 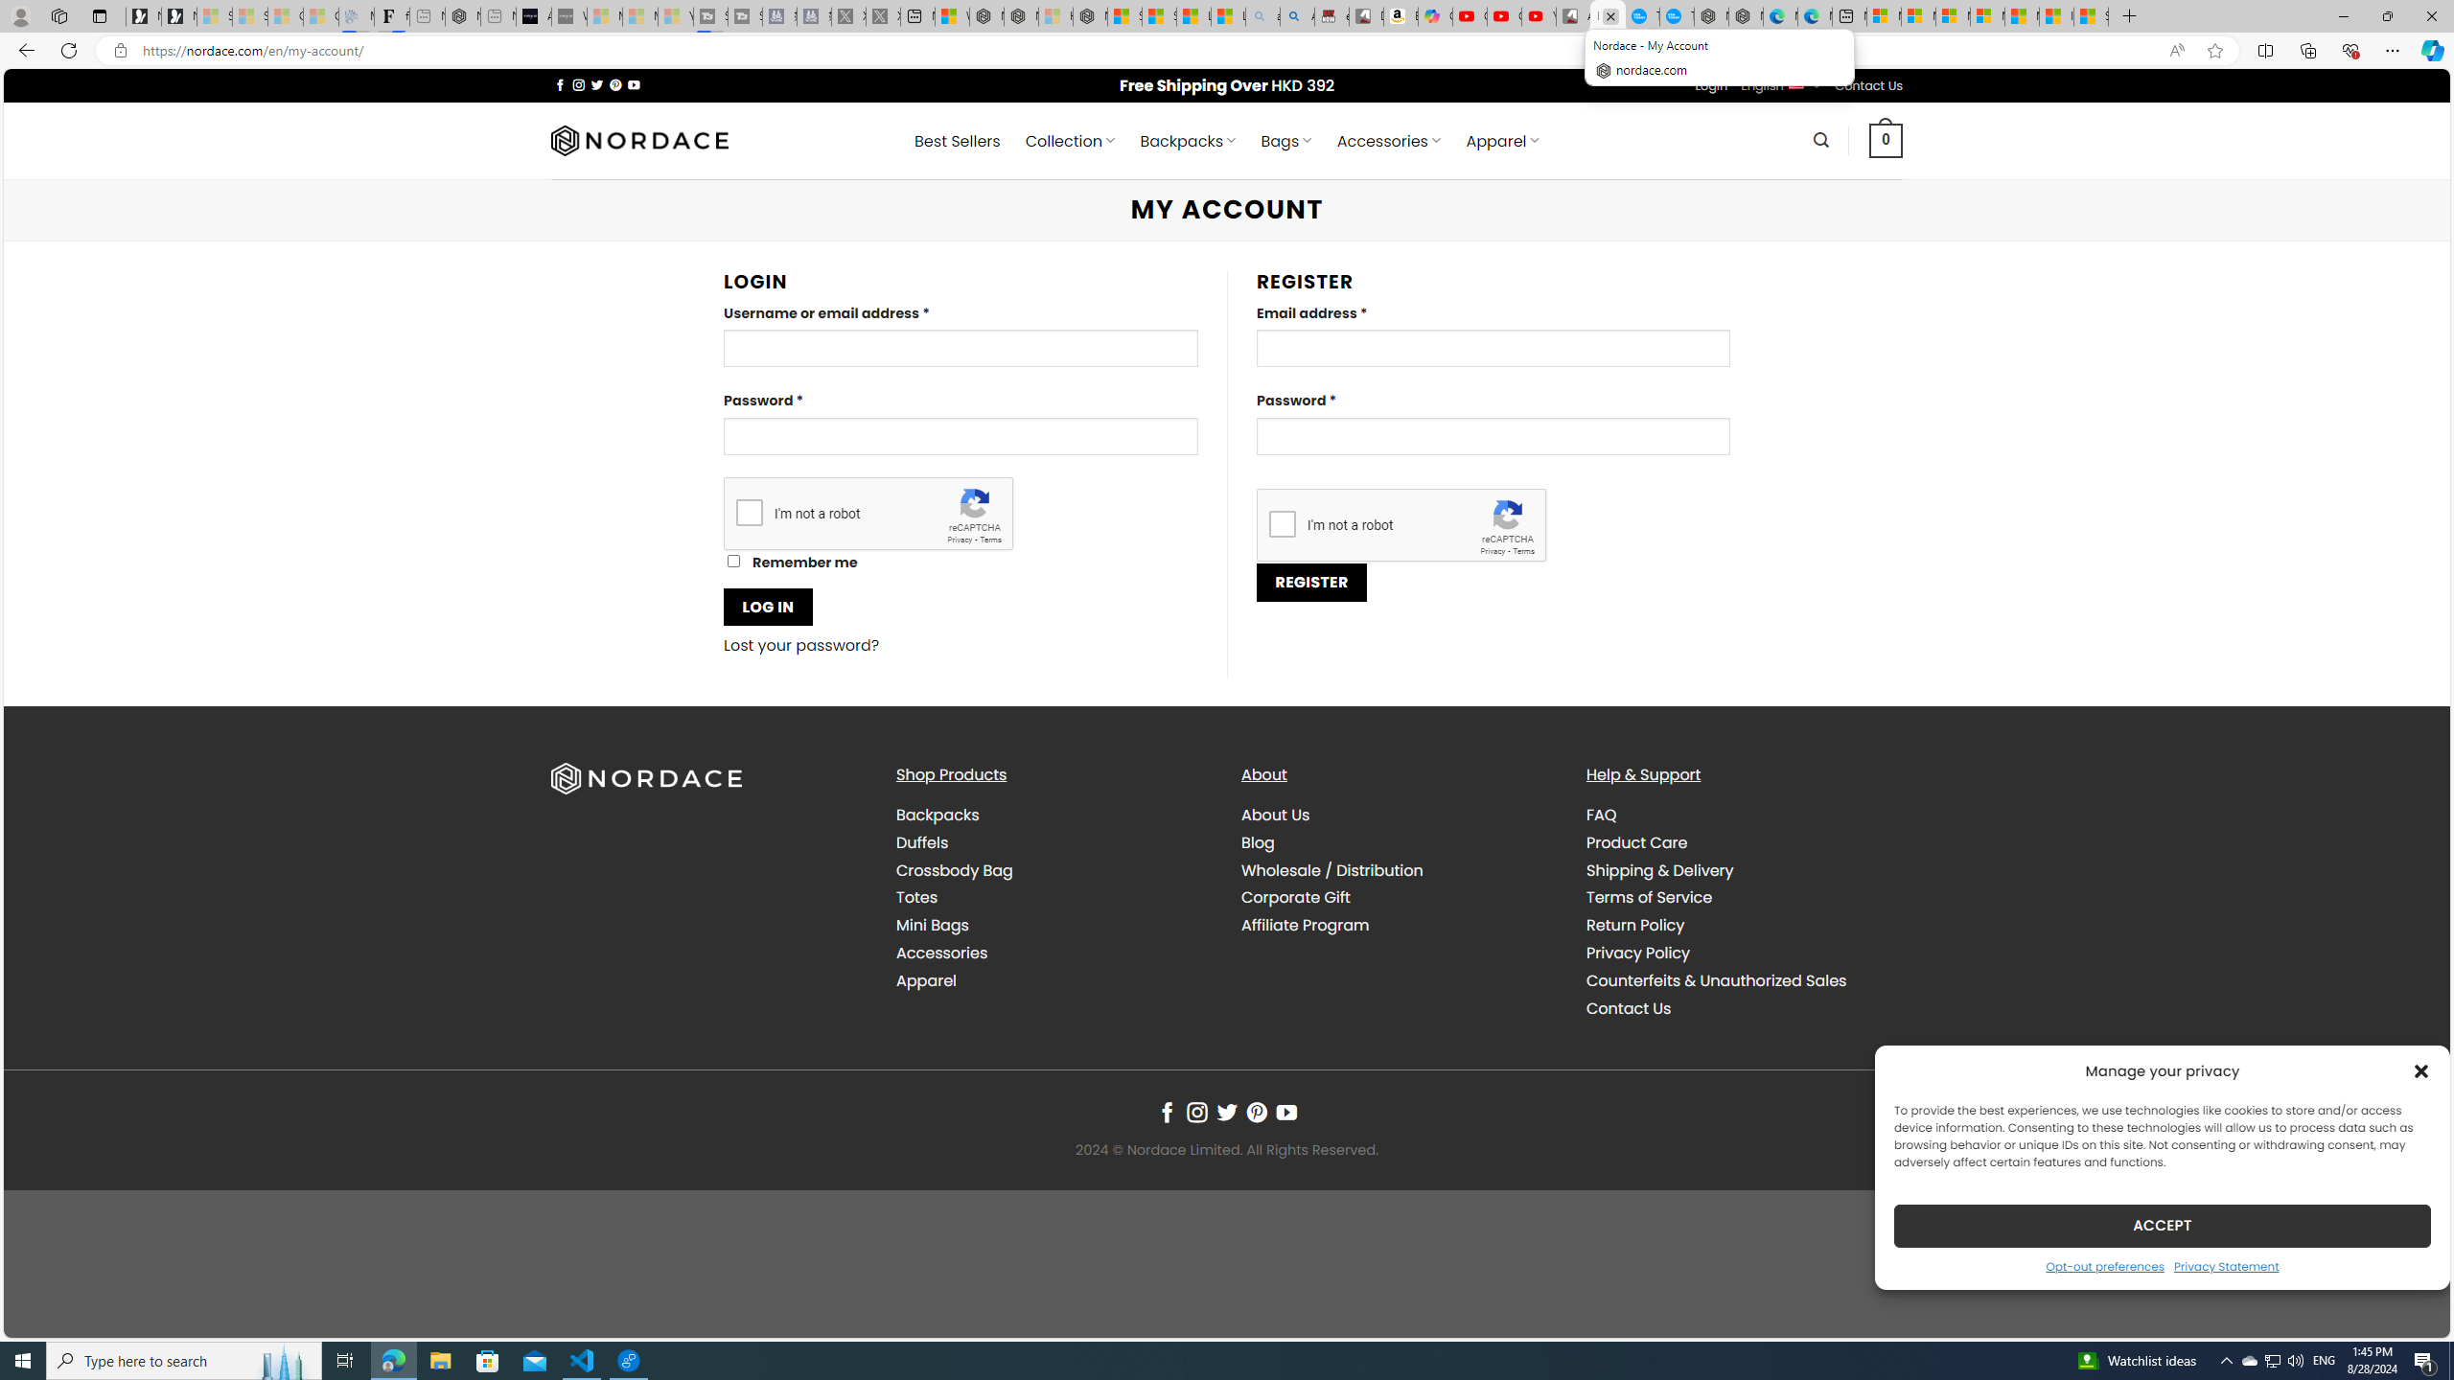 I want to click on 'Copilot', so click(x=1434, y=15).